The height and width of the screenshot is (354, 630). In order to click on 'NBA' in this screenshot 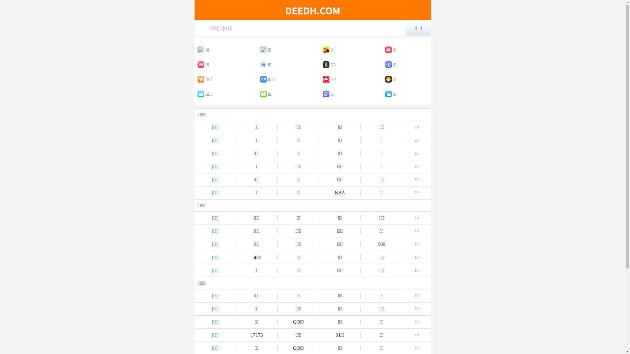, I will do `click(340, 192)`.